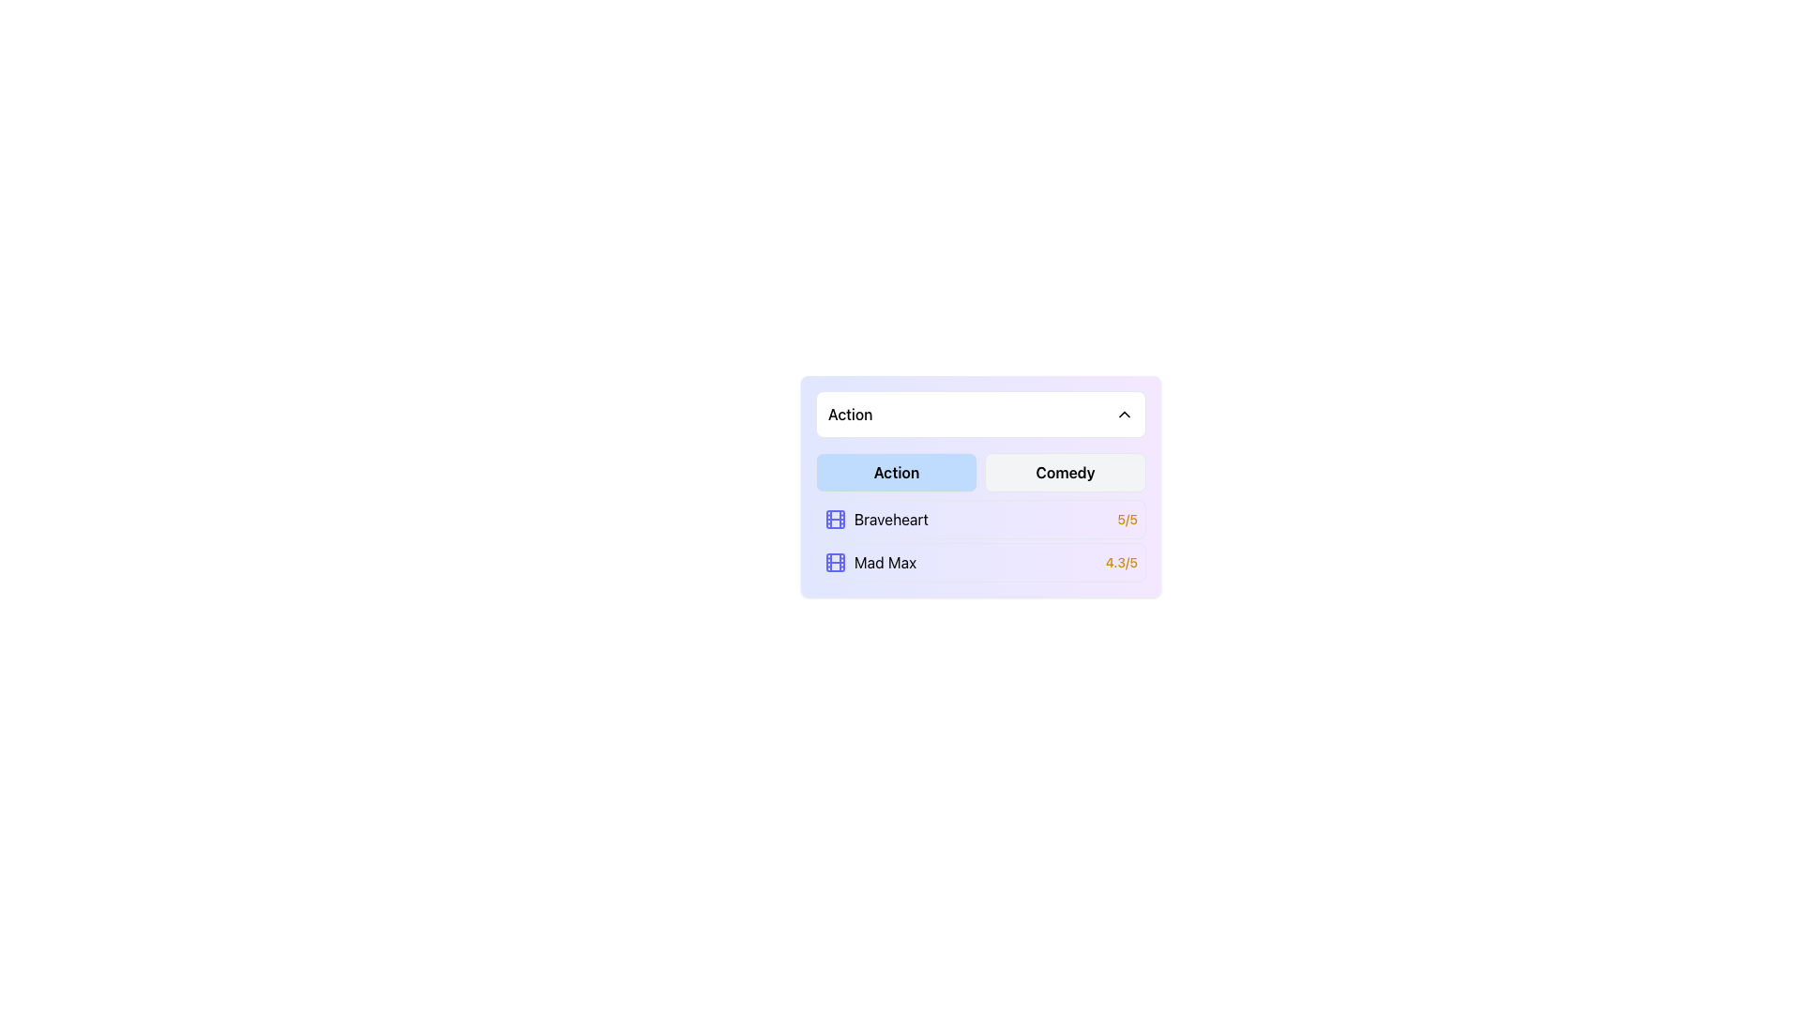 The image size is (1801, 1013). What do you see at coordinates (869, 562) in the screenshot?
I see `the text label displaying the title 'Mad Max'` at bounding box center [869, 562].